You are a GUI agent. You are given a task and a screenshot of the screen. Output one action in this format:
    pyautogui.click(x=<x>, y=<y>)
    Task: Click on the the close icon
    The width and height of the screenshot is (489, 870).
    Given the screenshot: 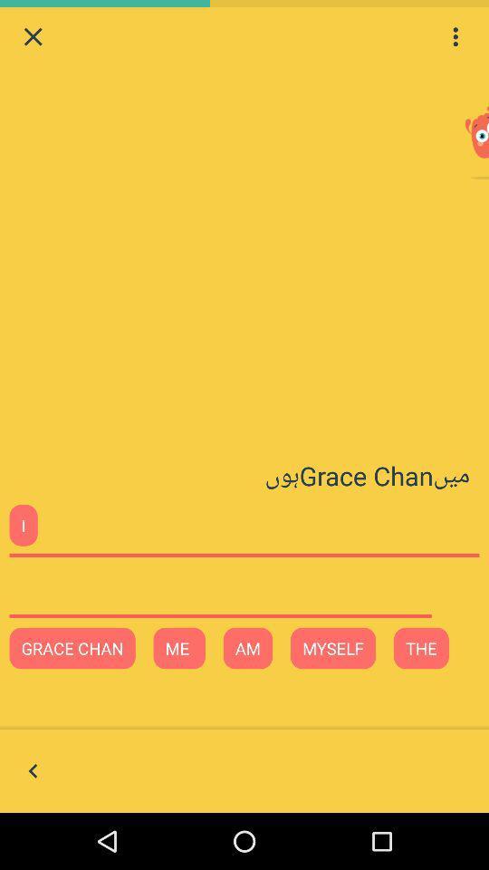 What is the action you would take?
    pyautogui.click(x=33, y=38)
    